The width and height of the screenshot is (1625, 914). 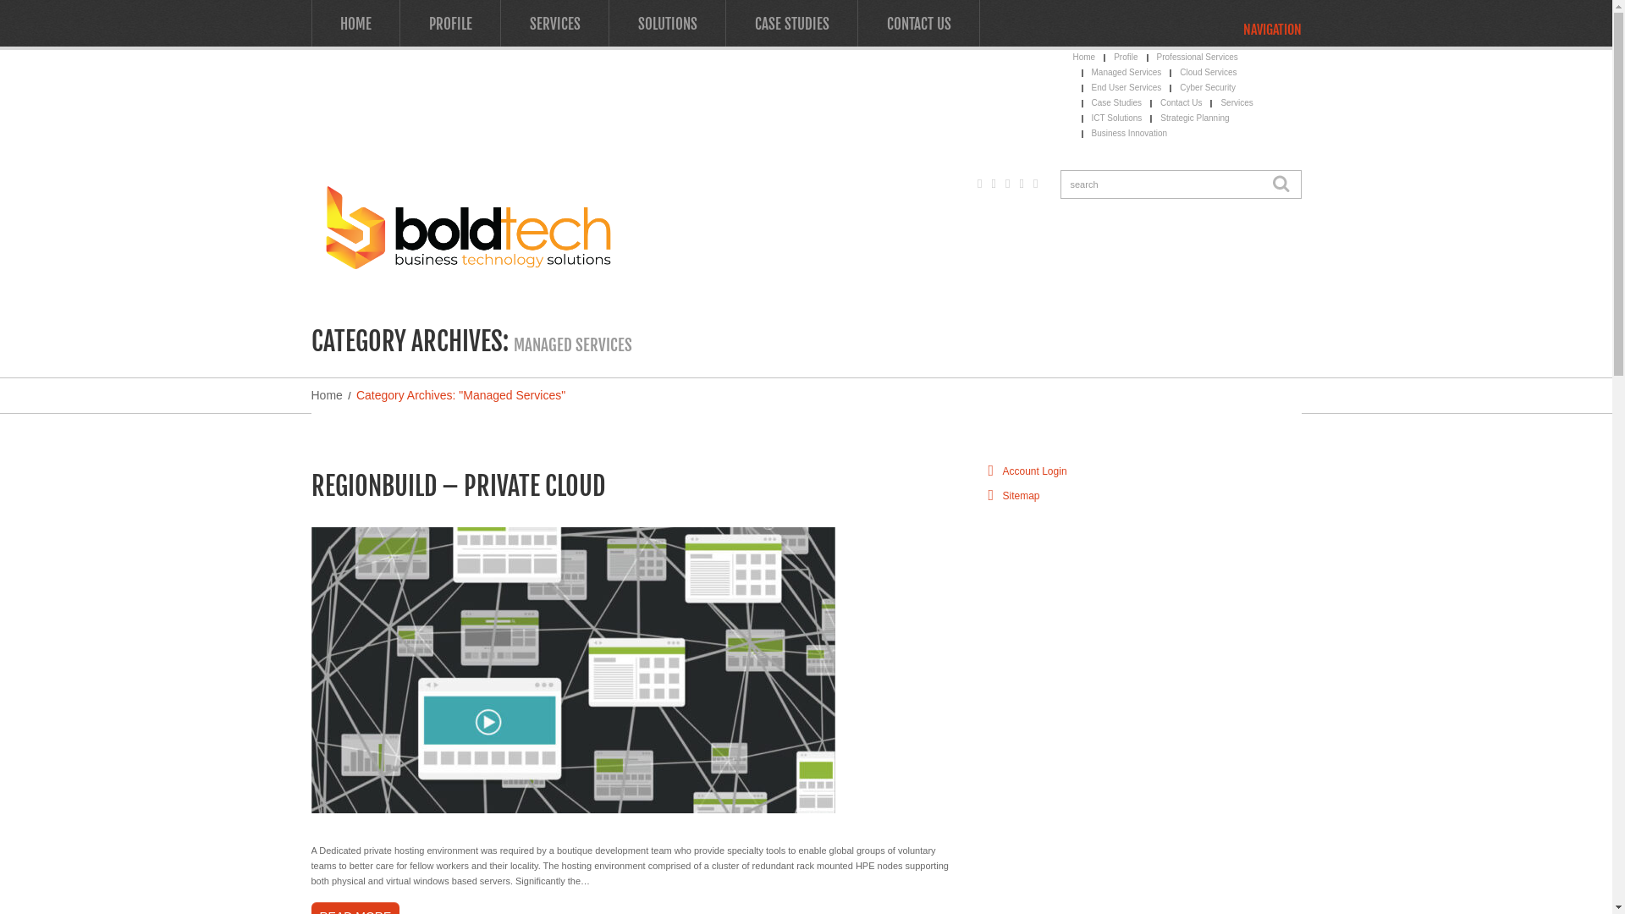 I want to click on 'Profile', so click(x=1125, y=56).